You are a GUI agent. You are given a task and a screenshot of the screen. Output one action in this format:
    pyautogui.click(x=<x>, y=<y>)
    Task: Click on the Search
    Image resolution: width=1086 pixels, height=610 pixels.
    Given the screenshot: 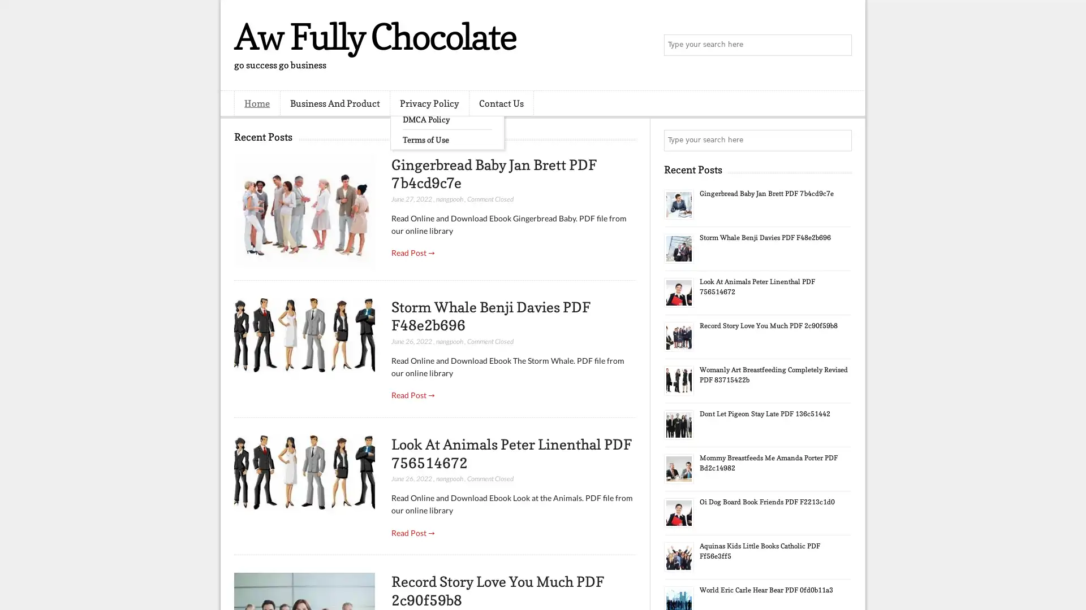 What is the action you would take?
    pyautogui.click(x=840, y=140)
    